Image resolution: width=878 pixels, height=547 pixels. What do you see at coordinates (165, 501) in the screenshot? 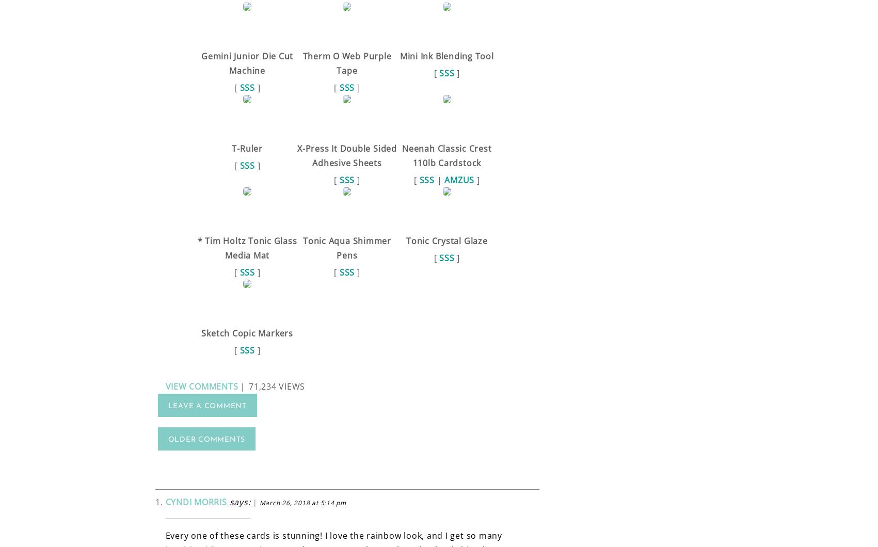
I see `'cyndi morris'` at bounding box center [165, 501].